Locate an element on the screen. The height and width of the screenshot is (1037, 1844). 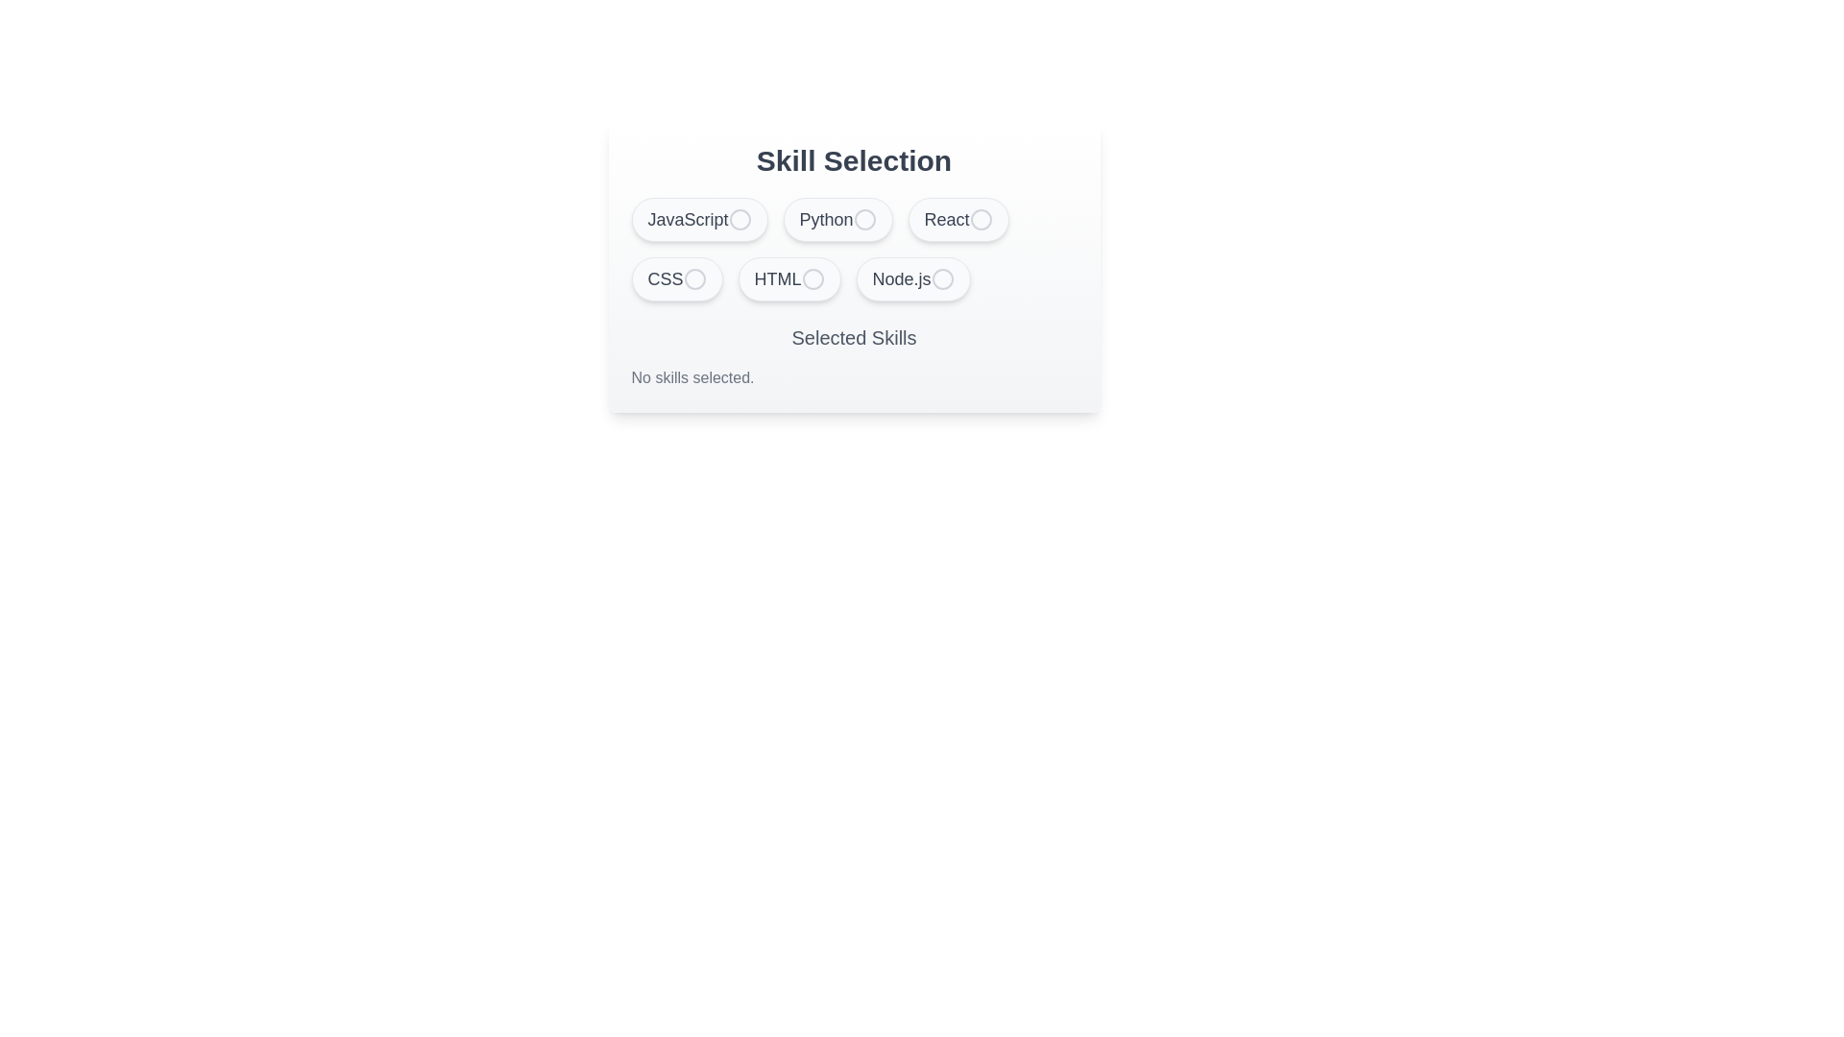
the 'CSS' text label located within the circular button in the second row of the skill selection grid is located at coordinates (665, 278).